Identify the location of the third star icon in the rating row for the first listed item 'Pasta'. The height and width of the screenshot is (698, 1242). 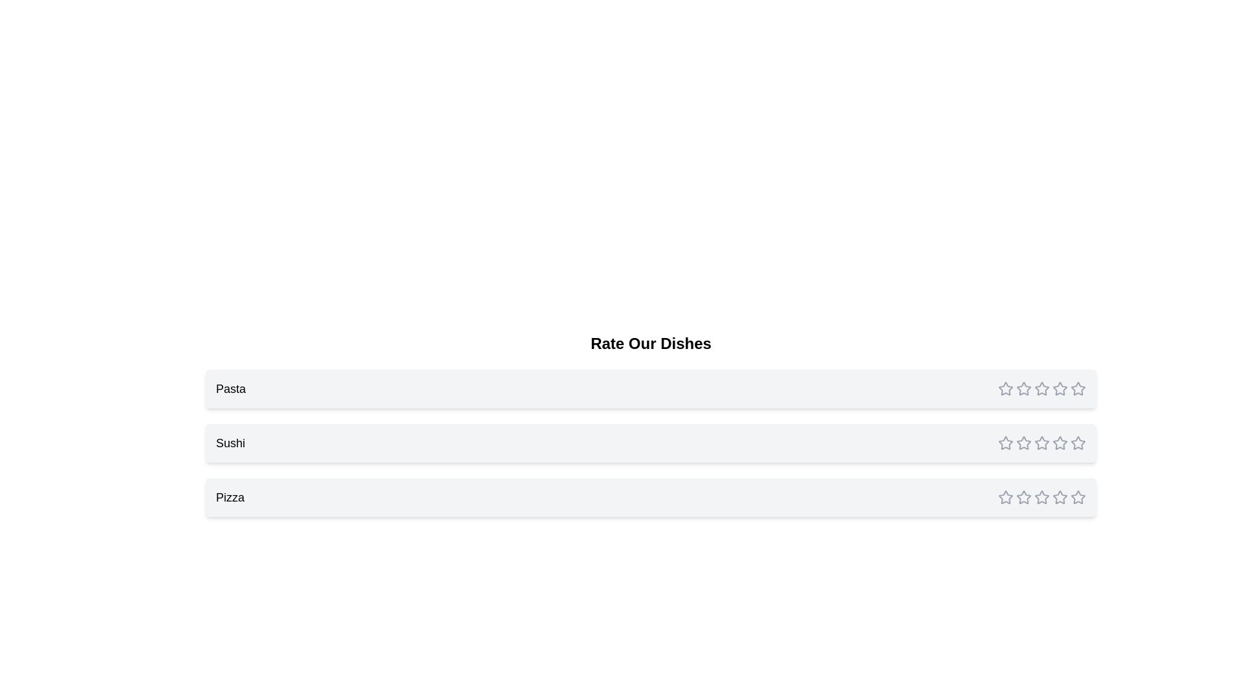
(1042, 388).